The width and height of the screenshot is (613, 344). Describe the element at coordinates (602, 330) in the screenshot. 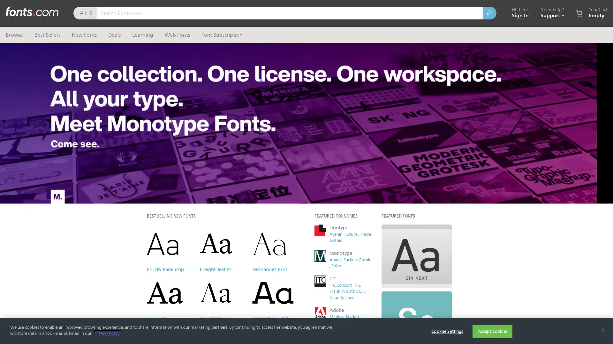

I see `Close` at that location.